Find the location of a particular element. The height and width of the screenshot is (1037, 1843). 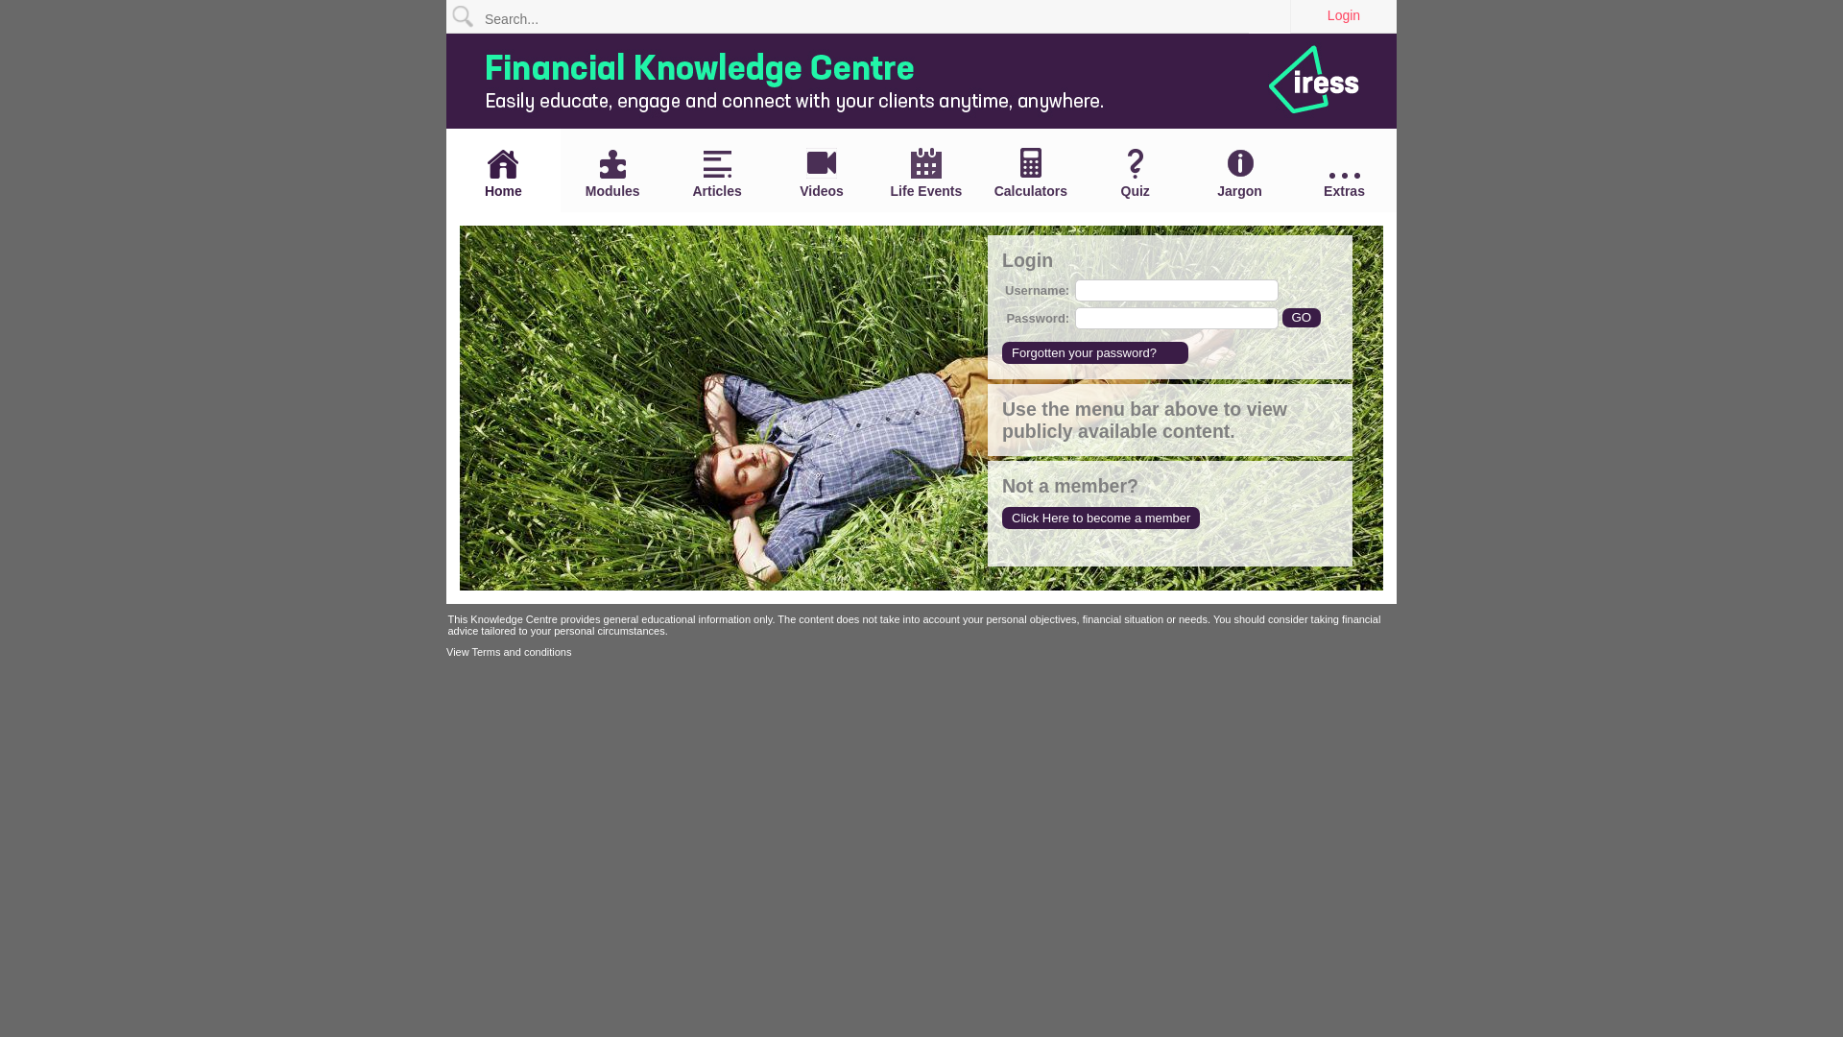

'Jargon' is located at coordinates (1239, 173).